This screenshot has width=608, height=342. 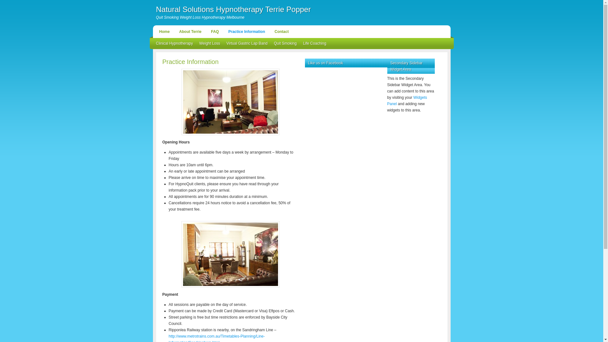 What do you see at coordinates (246, 32) in the screenshot?
I see `'Practice Information'` at bounding box center [246, 32].